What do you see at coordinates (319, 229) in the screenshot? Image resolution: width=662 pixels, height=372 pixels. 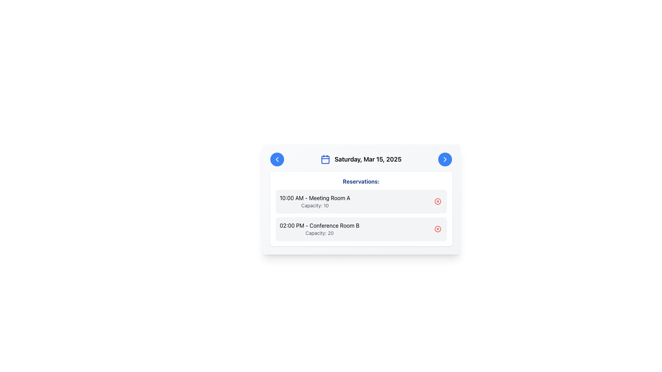 I see `the text block displaying '02:00 PM - Conference Room B' with a capacity of 20, located within the main list of reservations` at bounding box center [319, 229].